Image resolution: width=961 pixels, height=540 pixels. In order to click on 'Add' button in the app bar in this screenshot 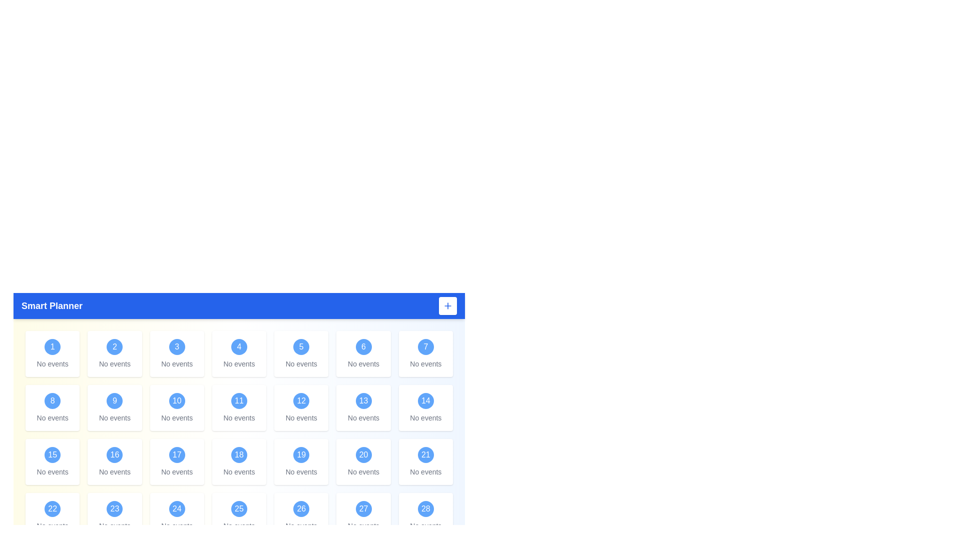, I will do `click(447, 305)`.